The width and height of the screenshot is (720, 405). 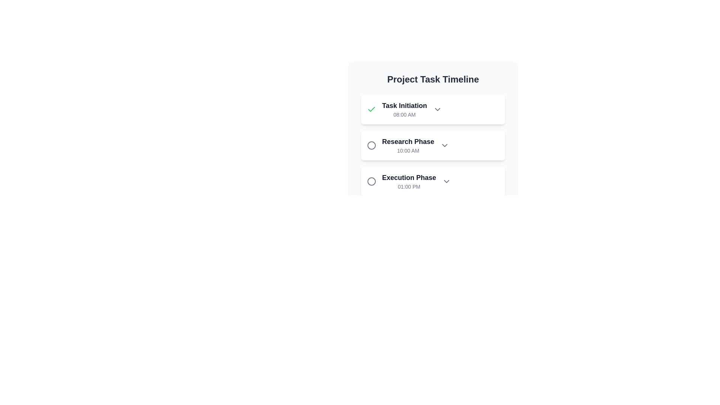 I want to click on the checkmark icon on the left side of the Task item header to mark the task as complete, so click(x=433, y=109).